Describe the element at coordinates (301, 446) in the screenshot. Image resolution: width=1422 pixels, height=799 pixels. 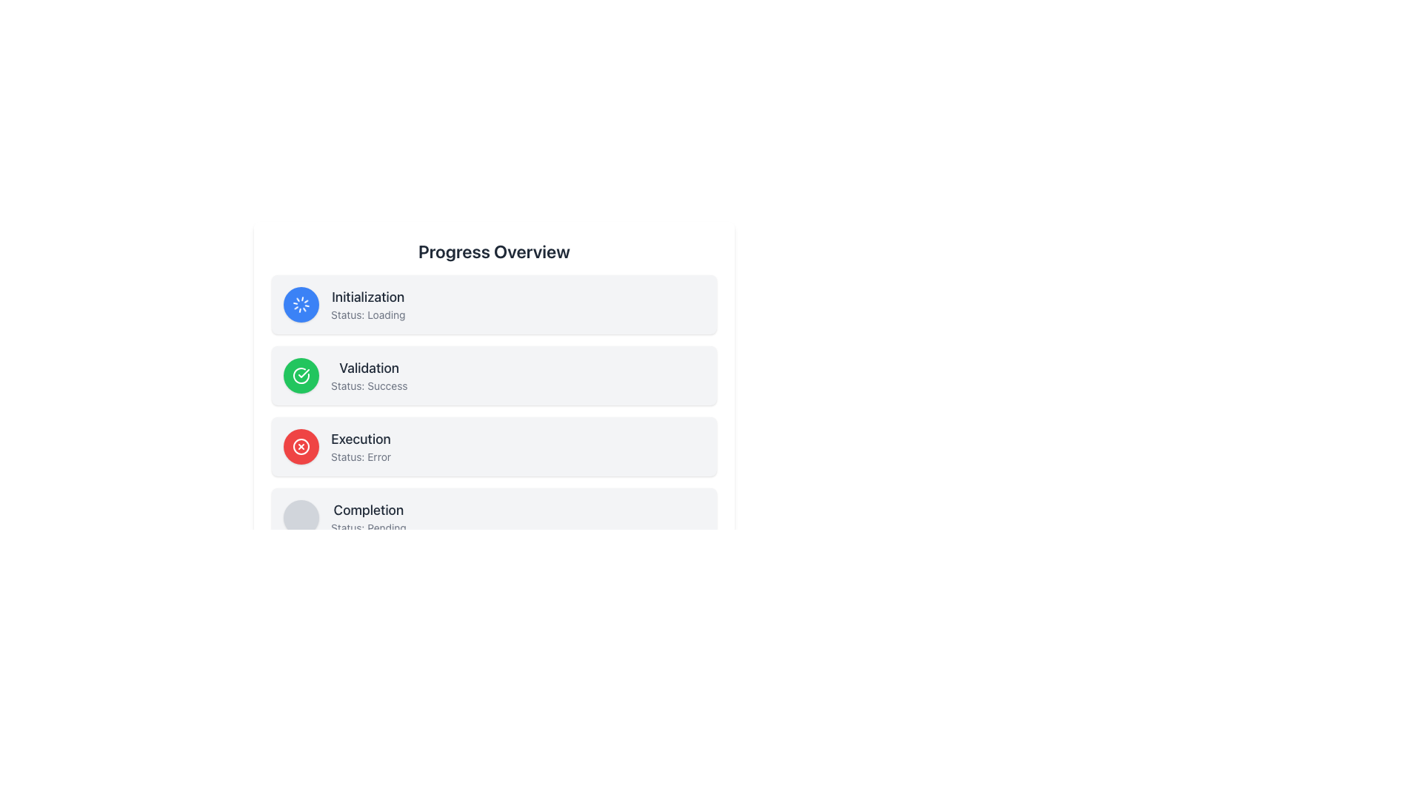
I see `the 'error' status icon located in the ExecutionStatus segment, positioned to the left of the 'Execution Status: error' text` at that location.